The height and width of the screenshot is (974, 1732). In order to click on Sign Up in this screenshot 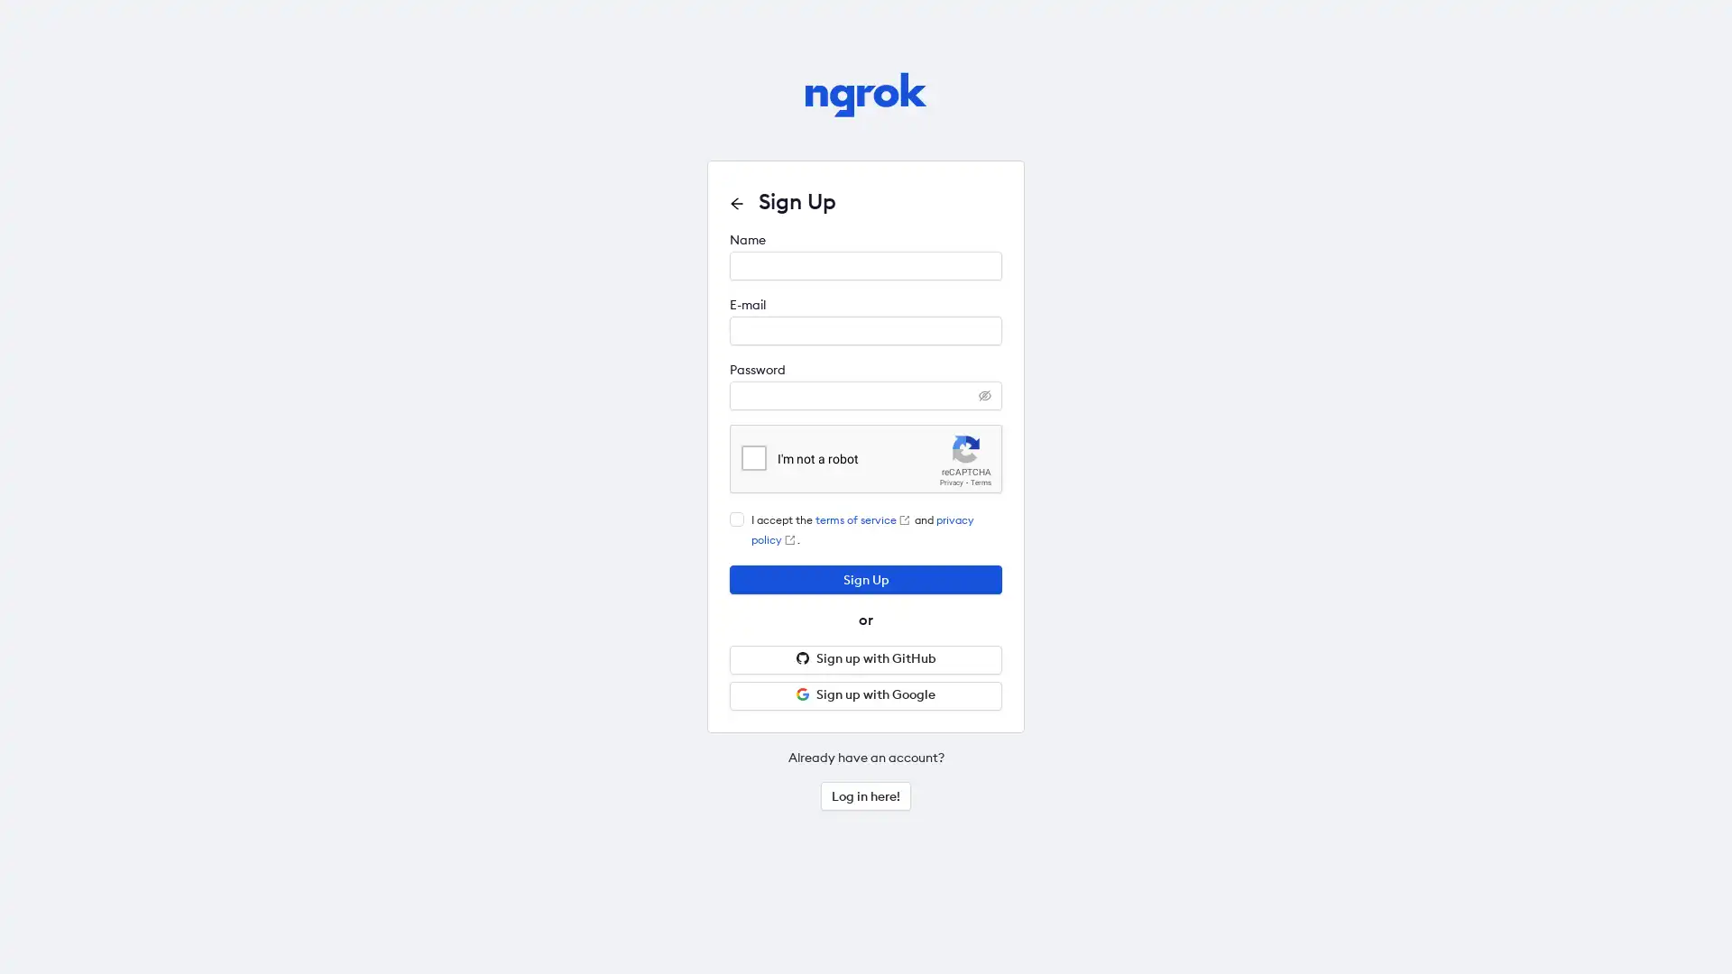, I will do `click(866, 580)`.